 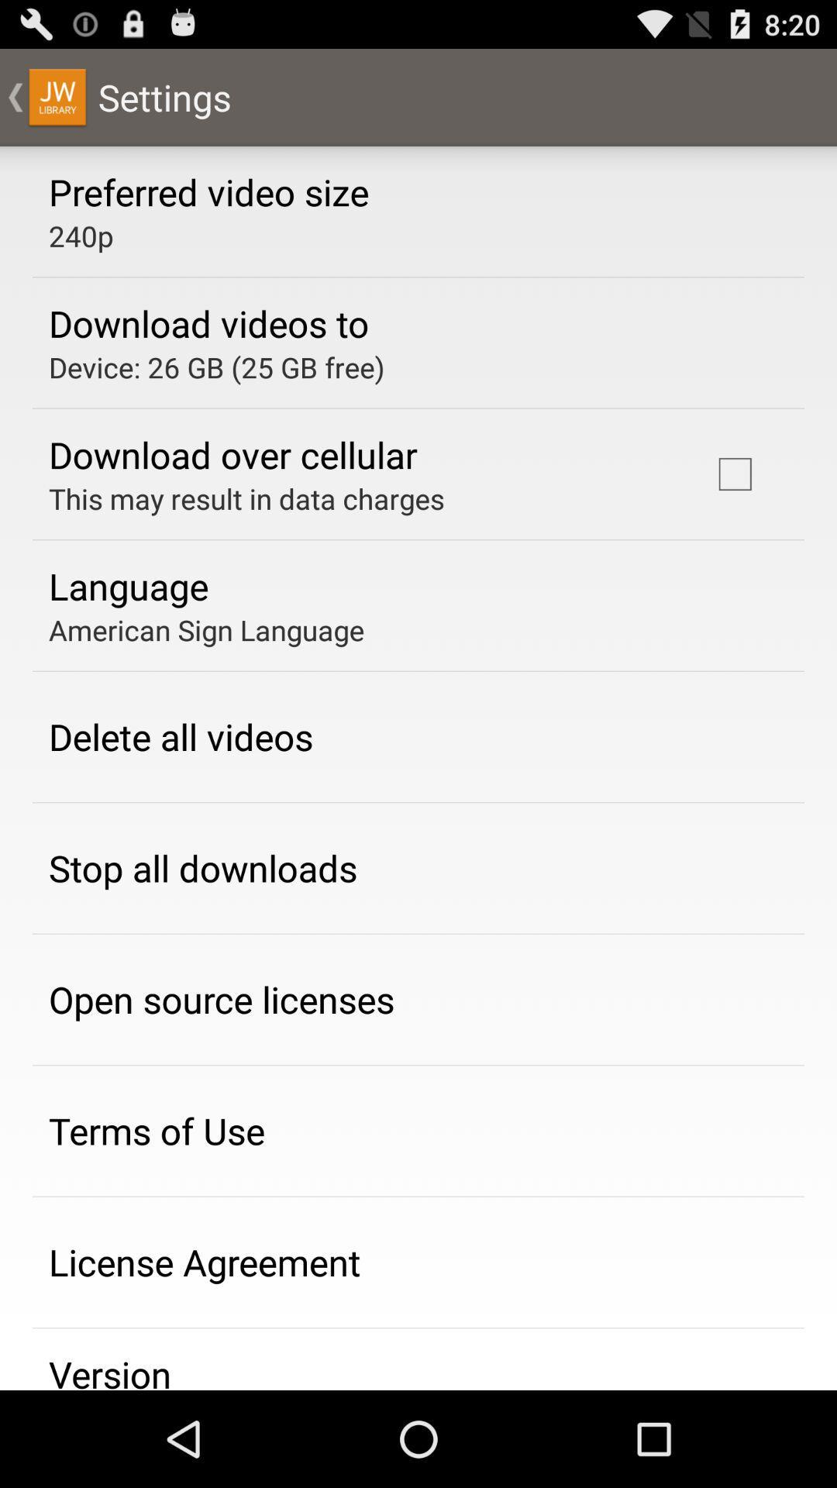 I want to click on app next to this may result item, so click(x=734, y=473).